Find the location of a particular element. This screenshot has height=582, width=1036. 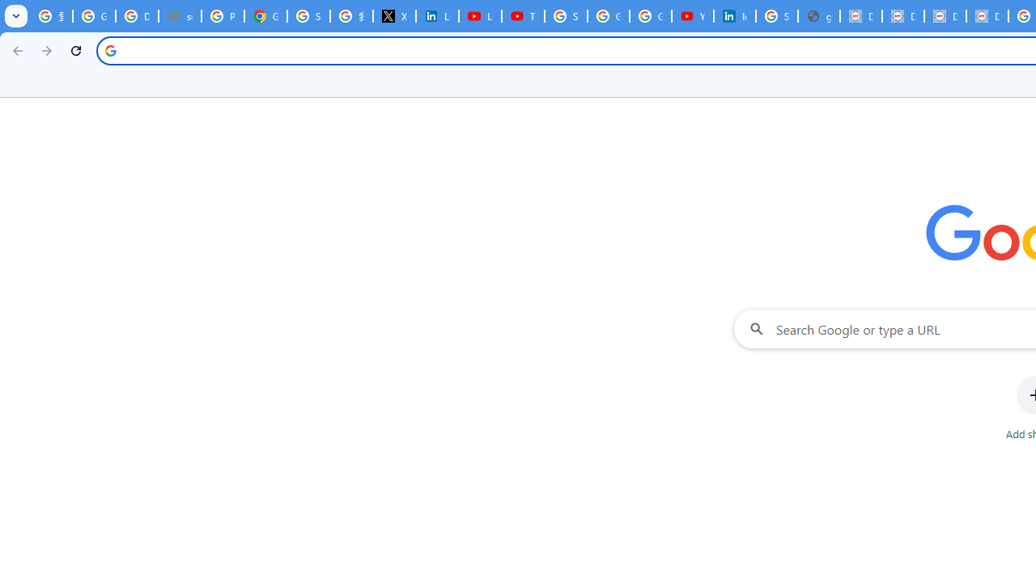

'google_privacy_policy_en.pdf' is located at coordinates (818, 16).